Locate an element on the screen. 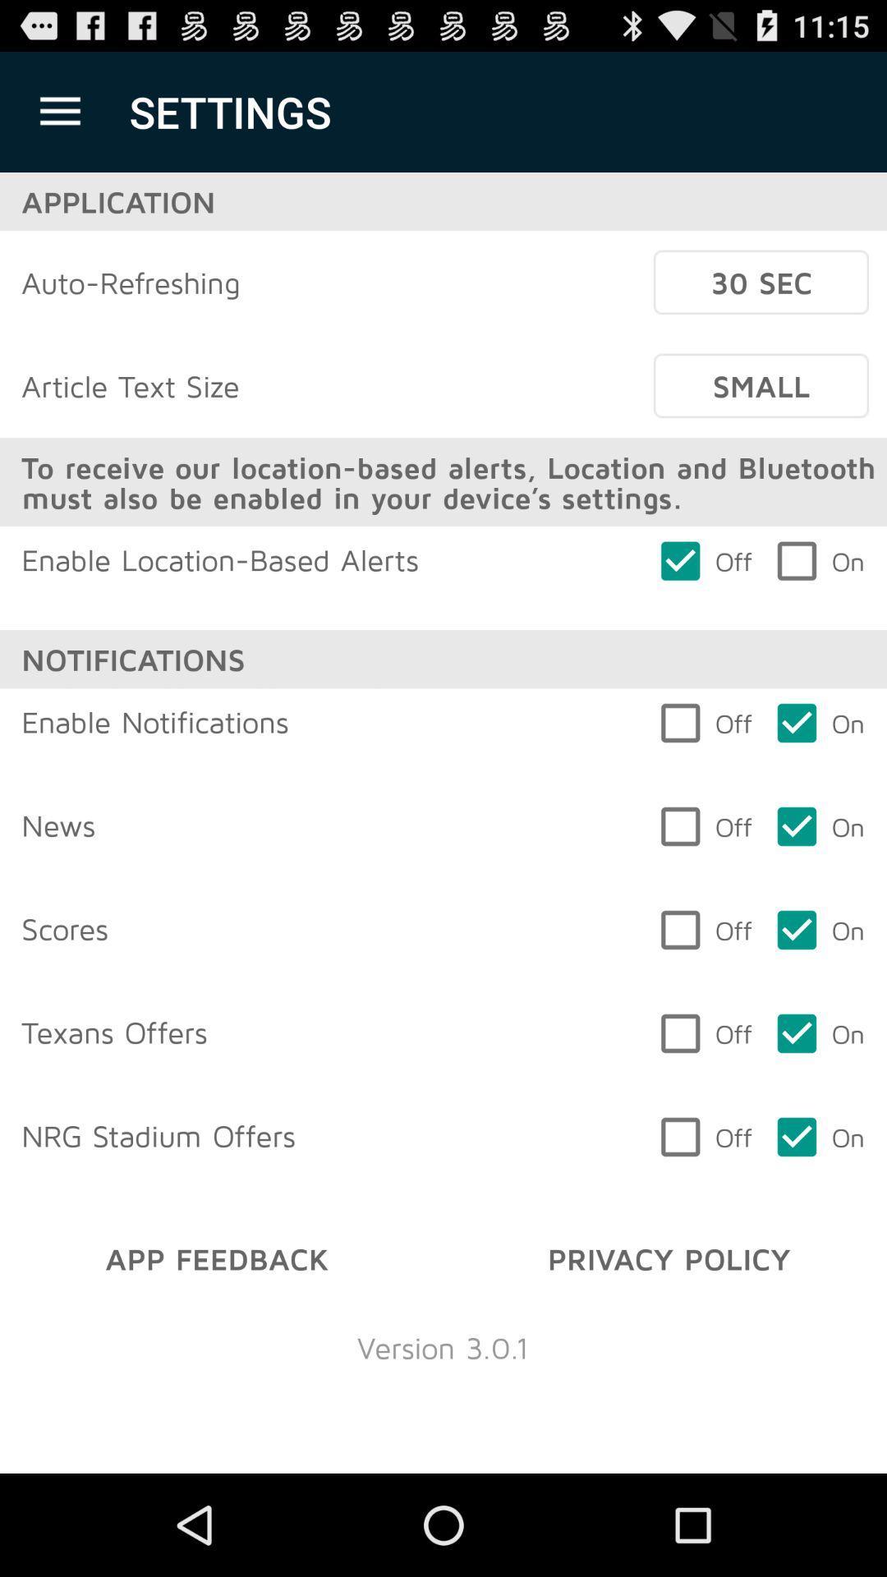 The image size is (887, 1577). item above the application icon is located at coordinates (59, 111).